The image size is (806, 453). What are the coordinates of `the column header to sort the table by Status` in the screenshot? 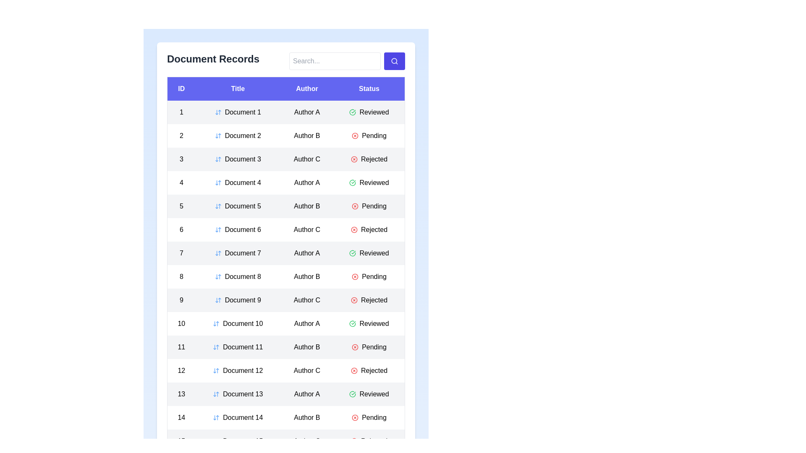 It's located at (369, 89).